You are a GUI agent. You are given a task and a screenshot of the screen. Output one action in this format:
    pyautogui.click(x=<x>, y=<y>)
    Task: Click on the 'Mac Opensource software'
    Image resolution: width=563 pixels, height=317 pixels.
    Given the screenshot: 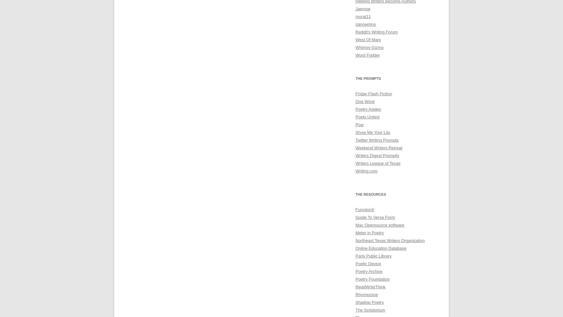 What is the action you would take?
    pyautogui.click(x=355, y=225)
    